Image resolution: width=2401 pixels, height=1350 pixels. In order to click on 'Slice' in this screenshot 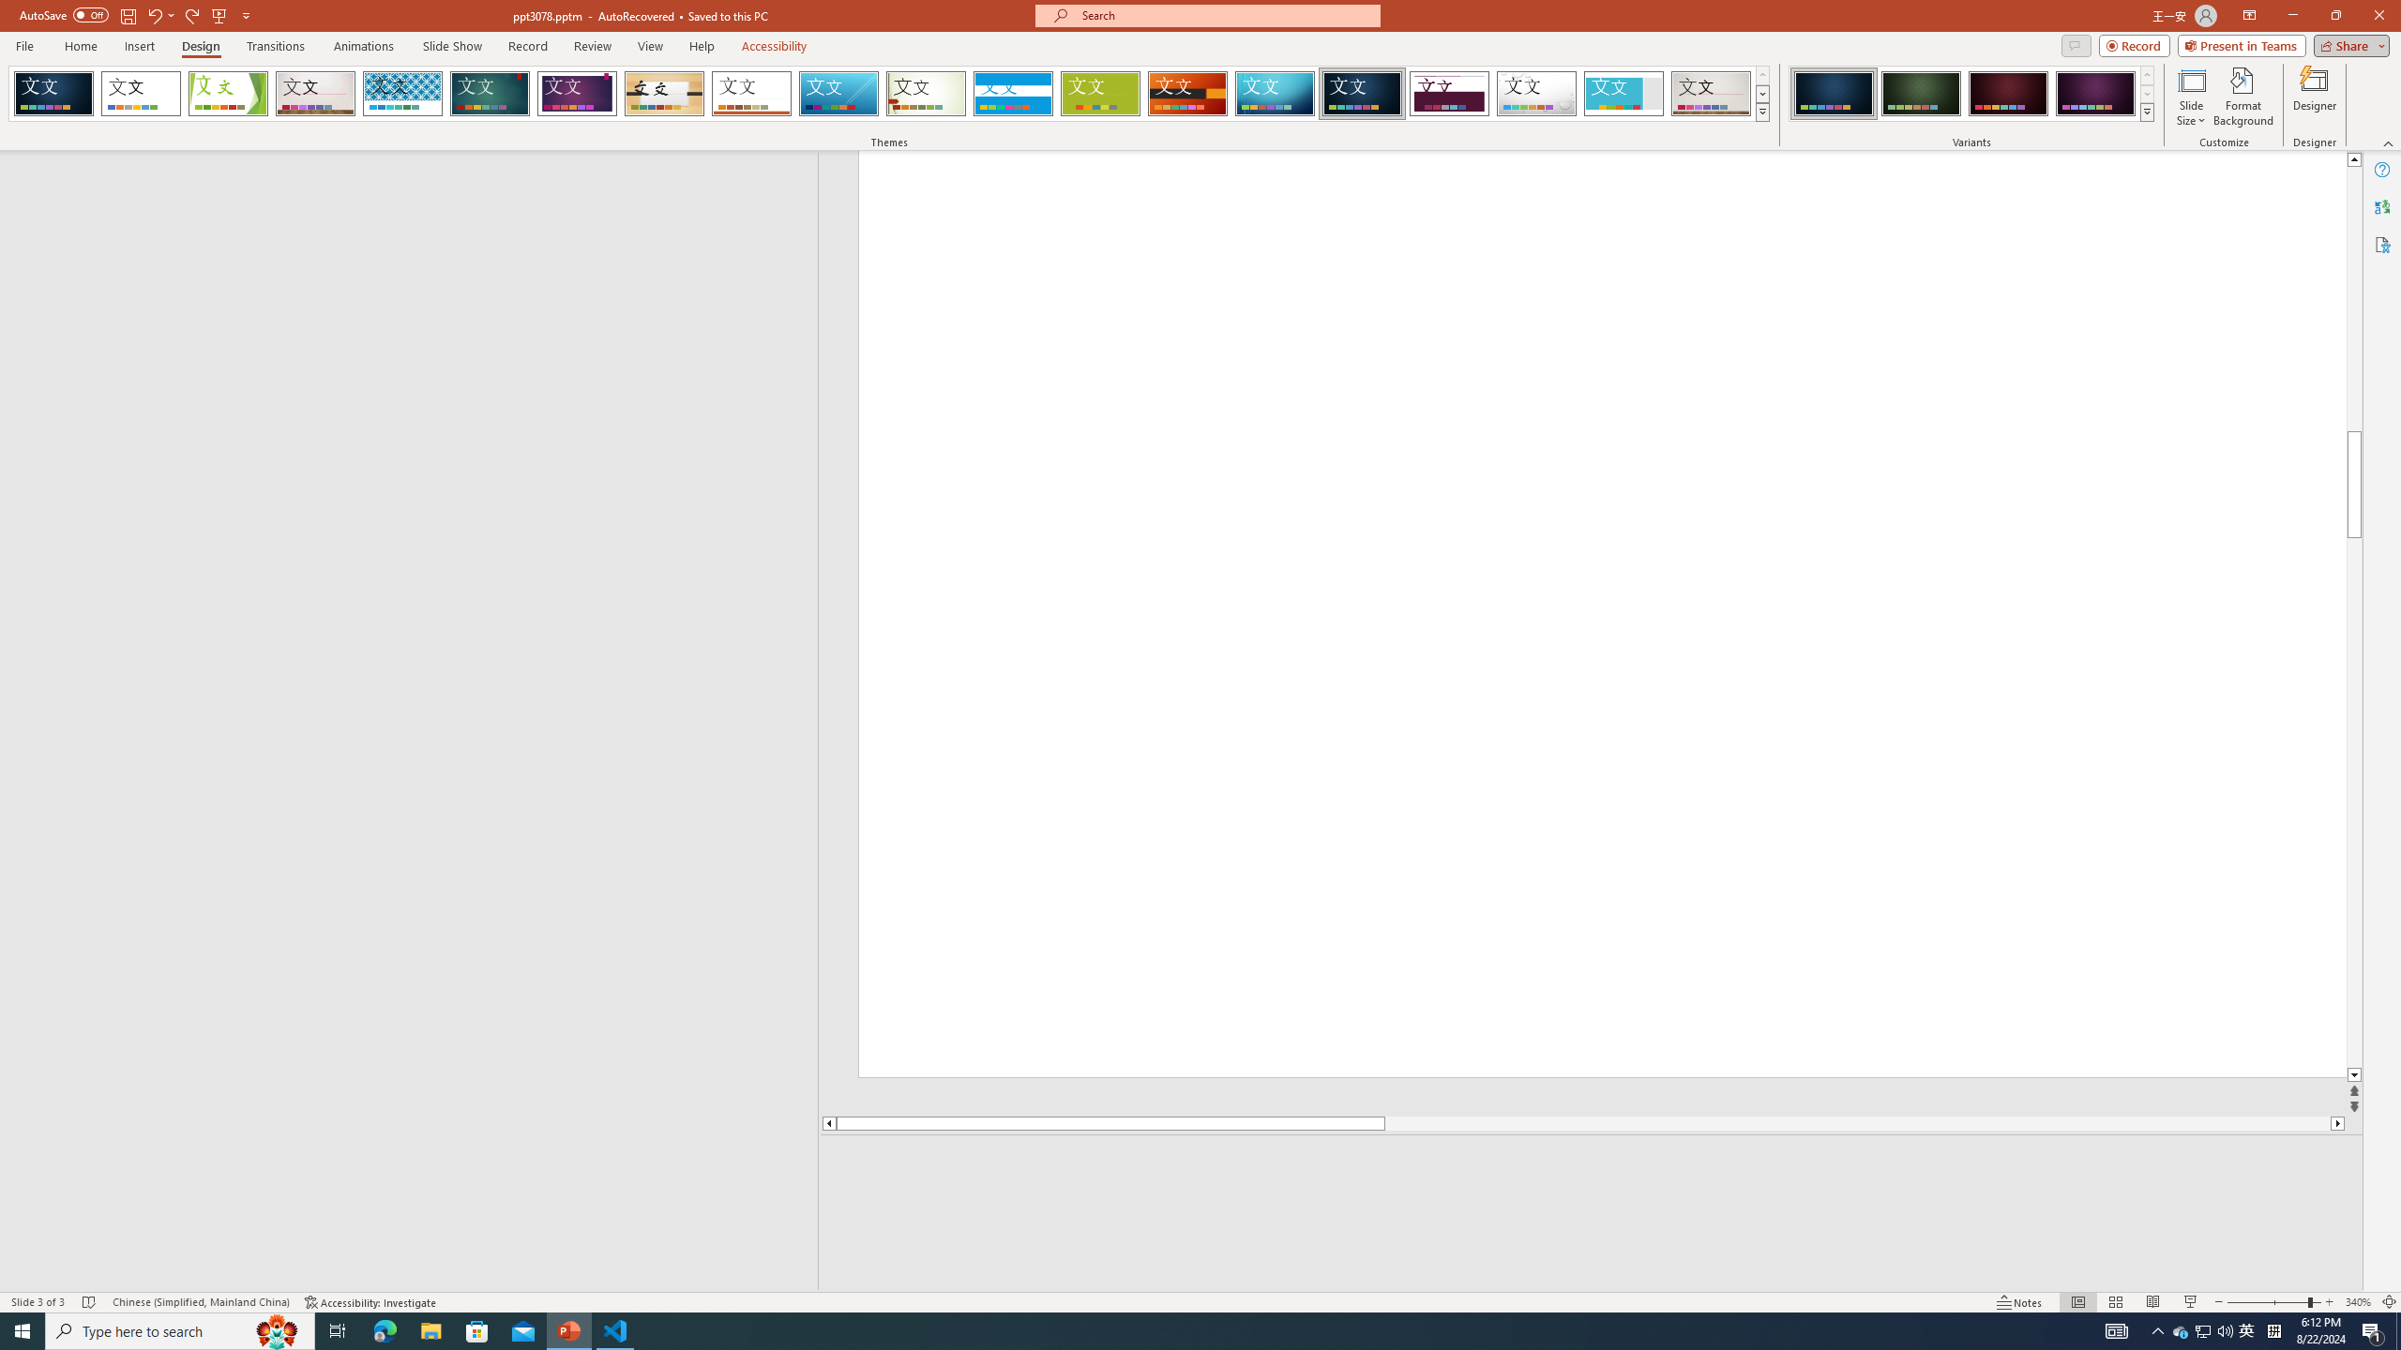, I will do `click(838, 93)`.